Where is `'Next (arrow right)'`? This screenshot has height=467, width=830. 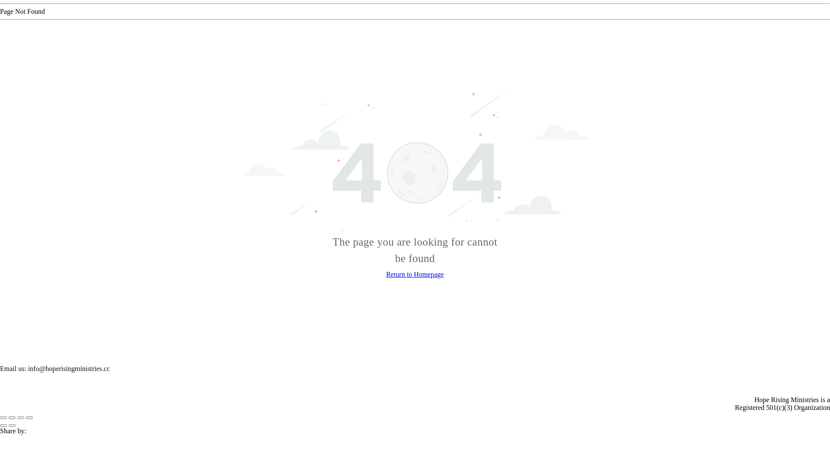
'Next (arrow right)' is located at coordinates (12, 425).